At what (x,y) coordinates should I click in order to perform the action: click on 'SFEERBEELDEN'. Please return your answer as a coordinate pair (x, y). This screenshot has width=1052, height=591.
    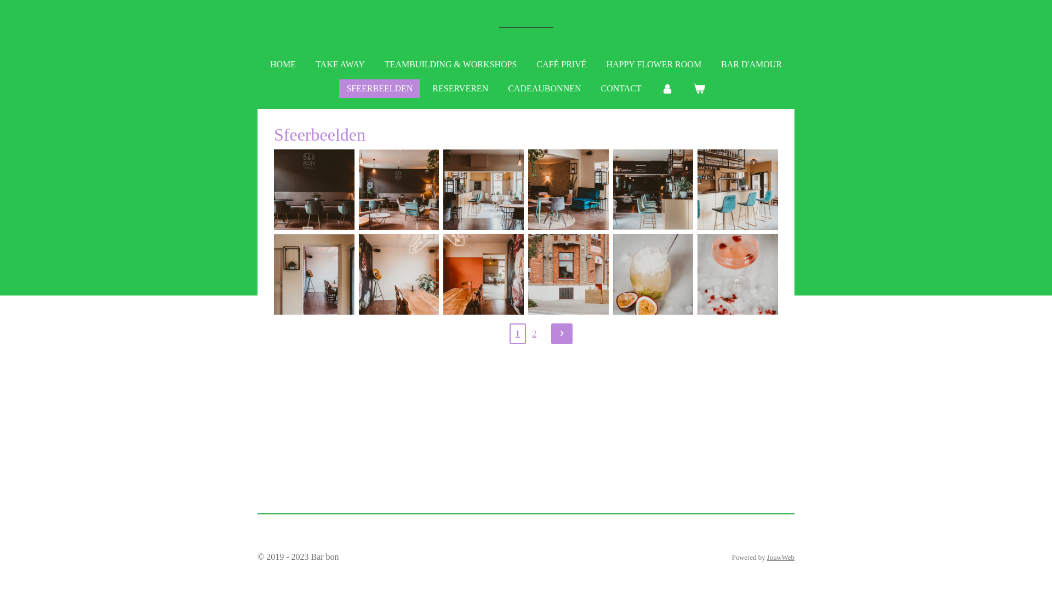
    Looking at the image, I should click on (339, 88).